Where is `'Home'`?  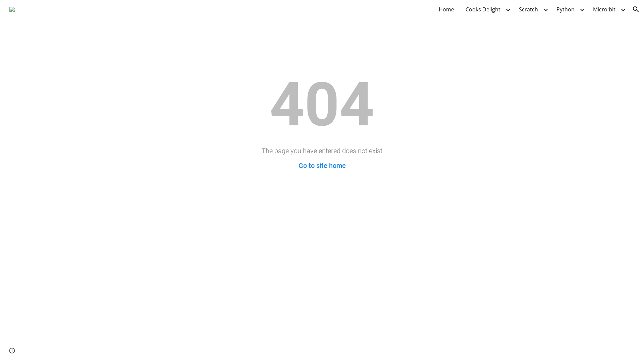 'Home' is located at coordinates (446, 9).